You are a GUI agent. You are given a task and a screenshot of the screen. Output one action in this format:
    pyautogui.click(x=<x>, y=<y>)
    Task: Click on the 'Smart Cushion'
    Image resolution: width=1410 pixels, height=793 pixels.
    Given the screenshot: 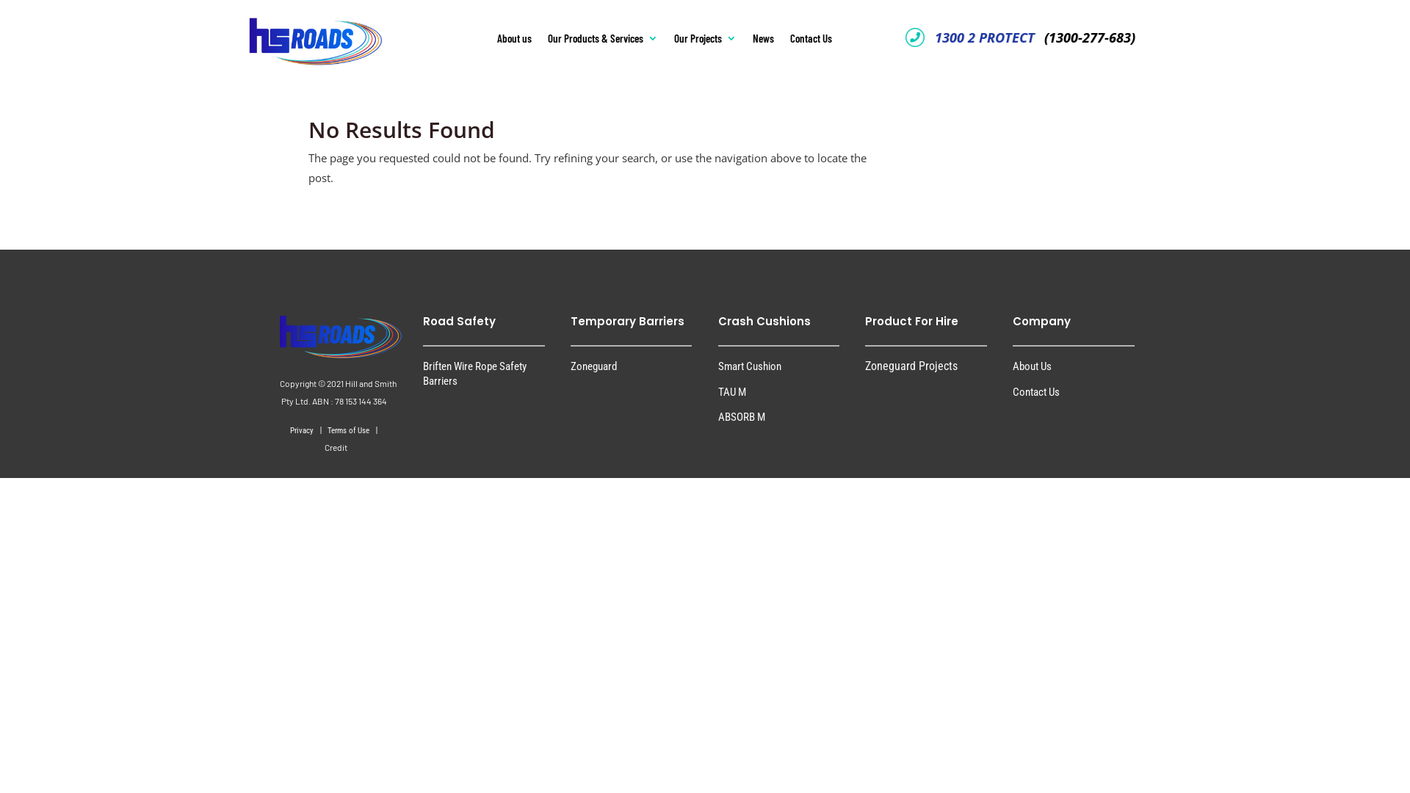 What is the action you would take?
    pyautogui.click(x=750, y=365)
    